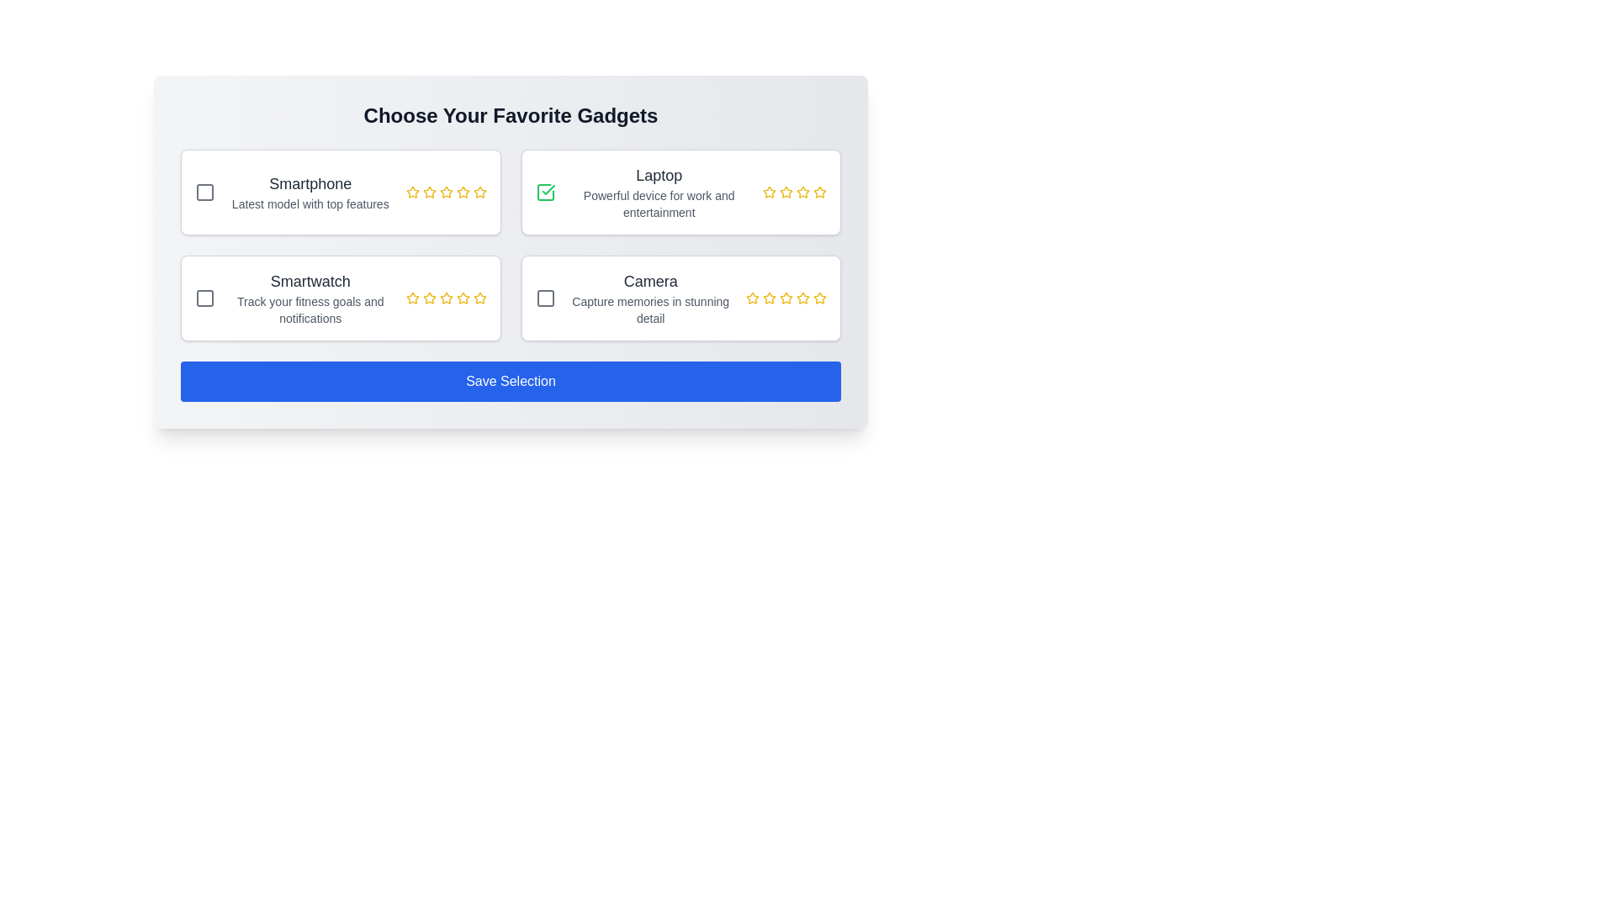  What do you see at coordinates (545, 297) in the screenshot?
I see `the checkbox icon located to the left of the label 'Camera' in the settings section` at bounding box center [545, 297].